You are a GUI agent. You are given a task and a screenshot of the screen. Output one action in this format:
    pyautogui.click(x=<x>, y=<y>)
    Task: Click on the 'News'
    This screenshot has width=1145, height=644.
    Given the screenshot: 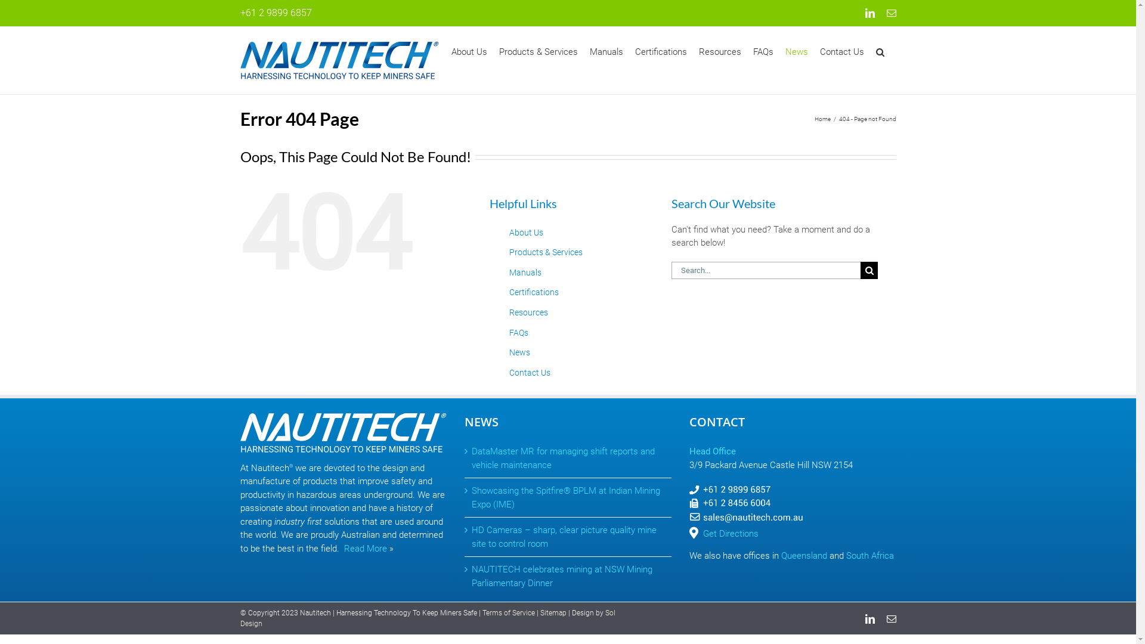 What is the action you would take?
    pyautogui.click(x=796, y=51)
    